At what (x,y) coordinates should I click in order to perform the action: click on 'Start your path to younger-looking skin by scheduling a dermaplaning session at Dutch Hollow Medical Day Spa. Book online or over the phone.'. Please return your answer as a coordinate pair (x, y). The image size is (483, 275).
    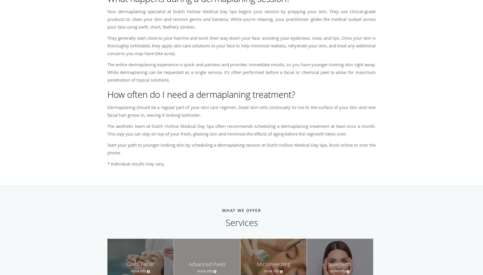
    Looking at the image, I should click on (241, 148).